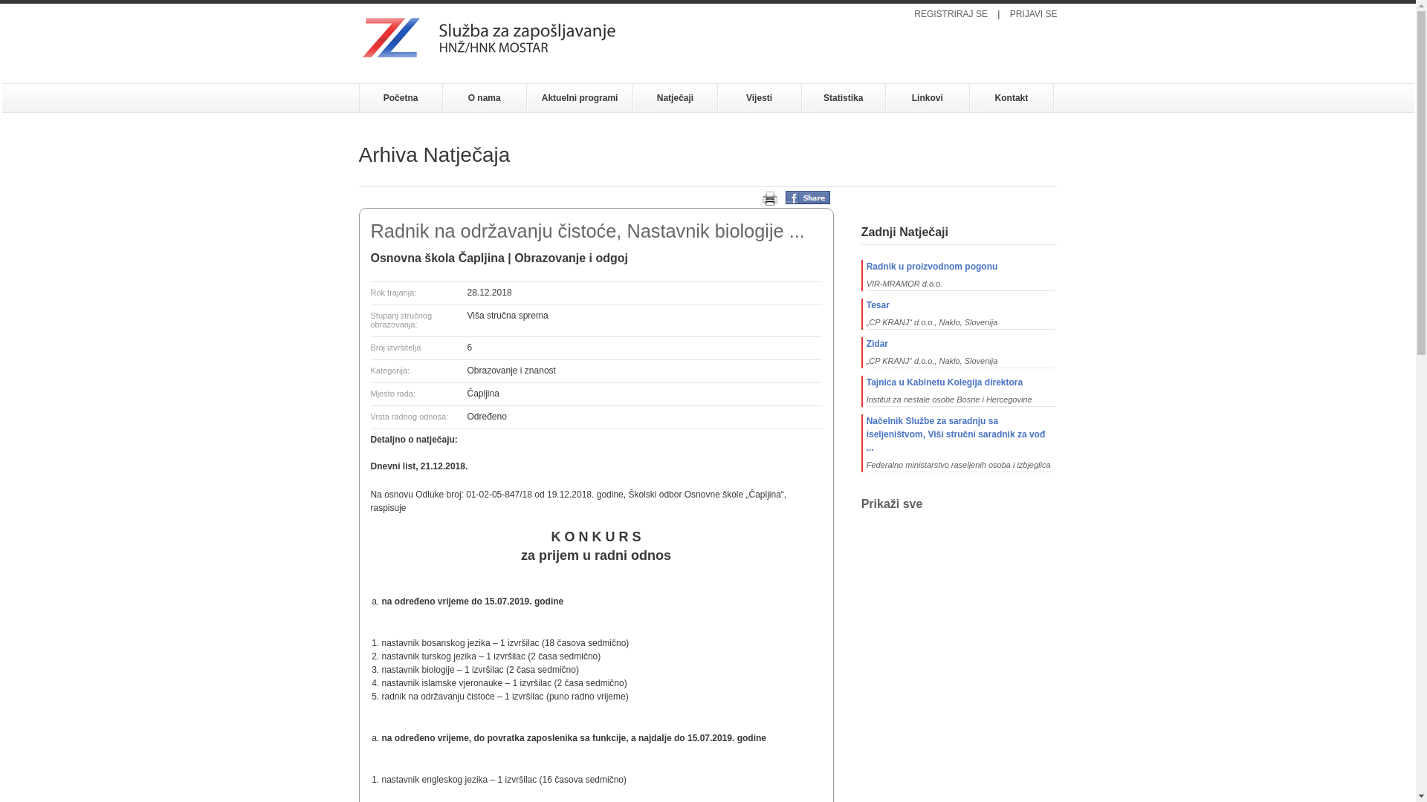 Image resolution: width=1427 pixels, height=802 pixels. I want to click on 'Radnik u proizvodnom pogonu, so click(861, 275).